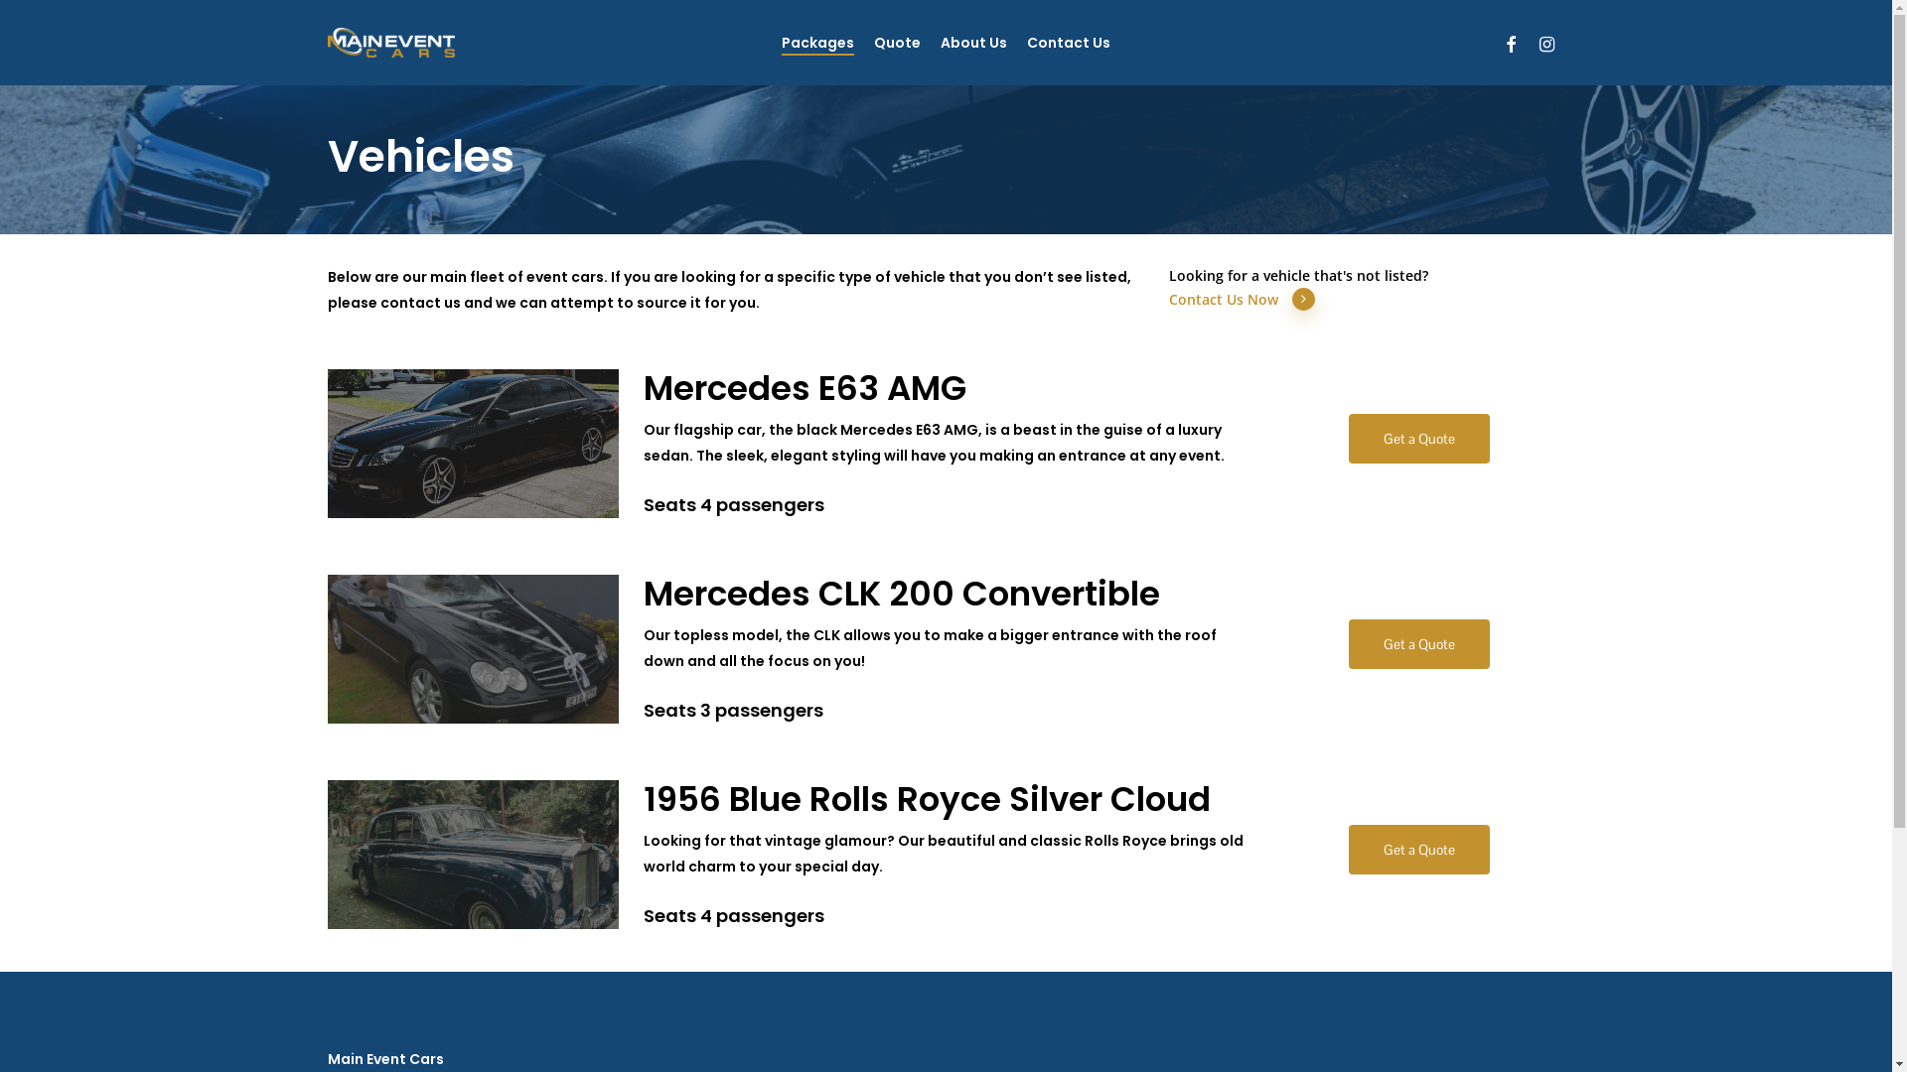 This screenshot has height=1072, width=1907. What do you see at coordinates (1492, 42) in the screenshot?
I see `'facebook'` at bounding box center [1492, 42].